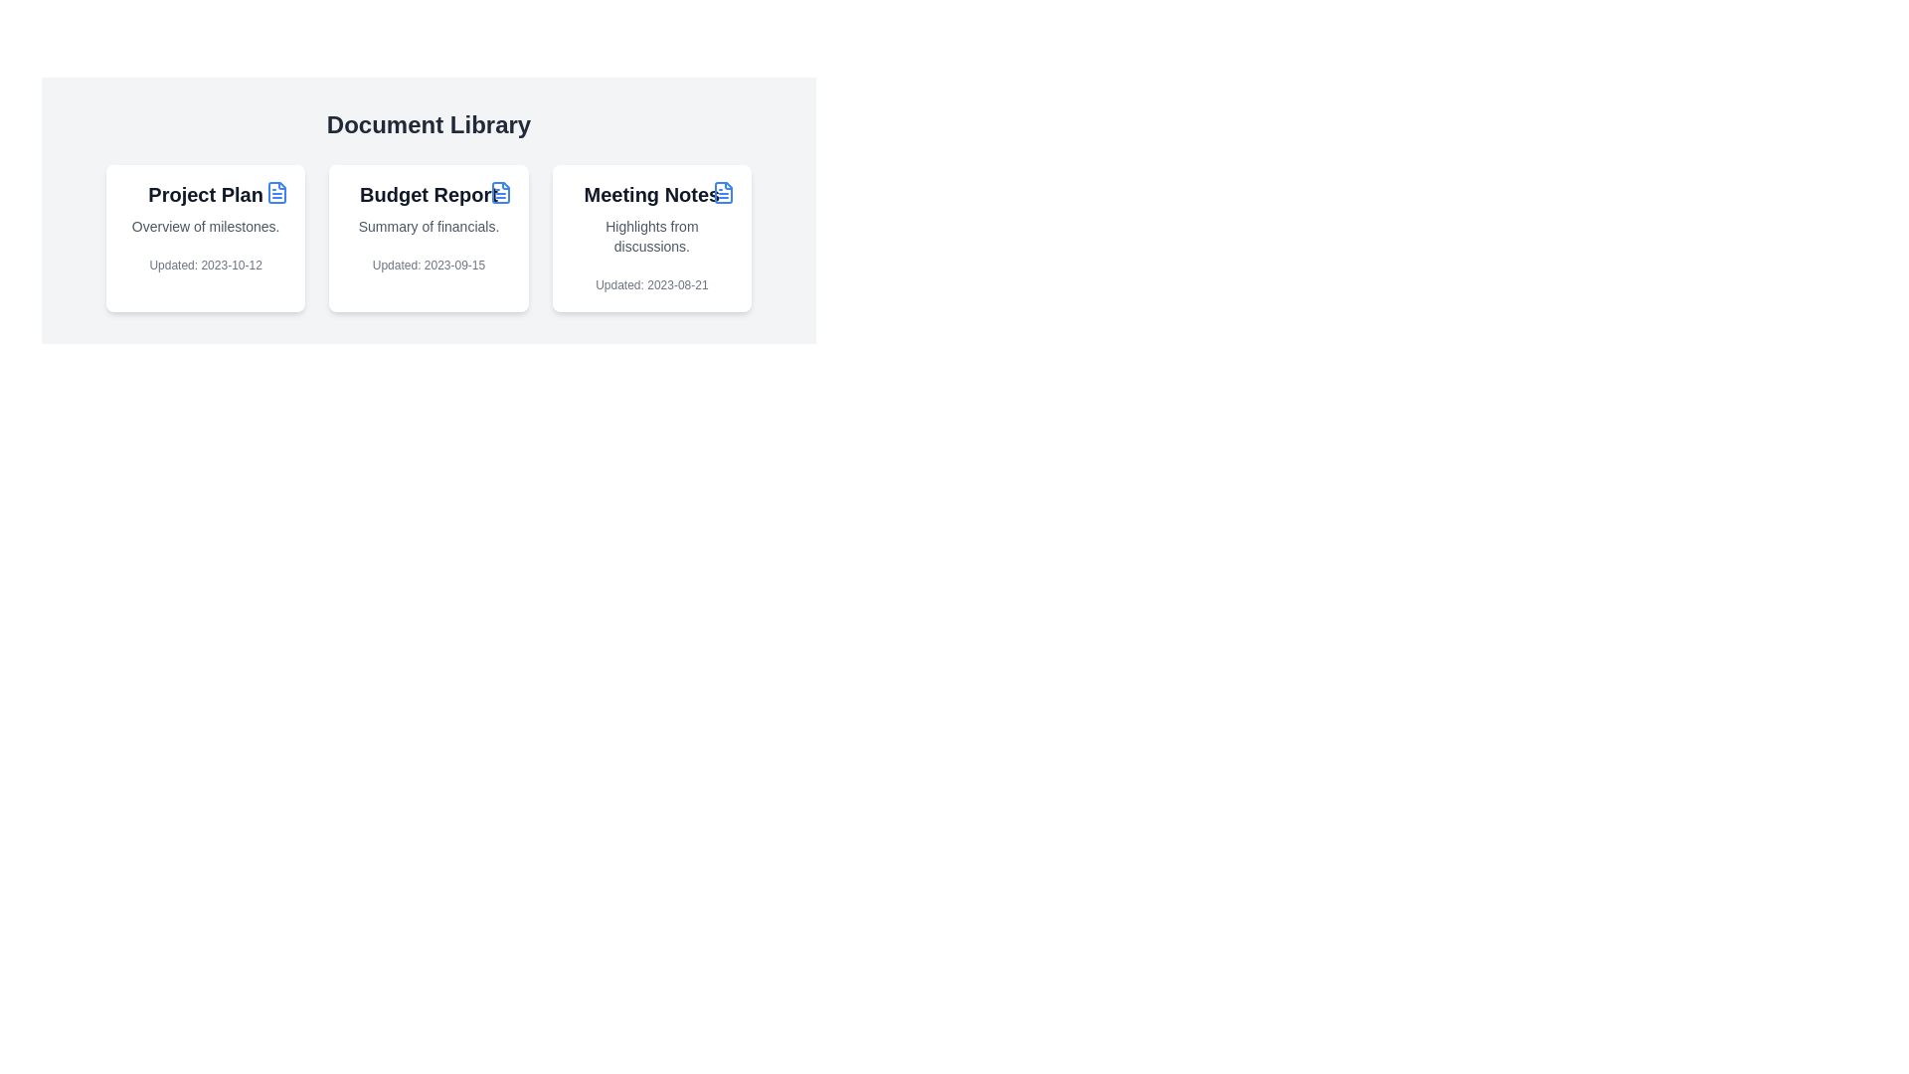 This screenshot has height=1074, width=1909. What do you see at coordinates (428, 125) in the screenshot?
I see `the heading labeled 'Document Library' which indicates the content below pertains to that section` at bounding box center [428, 125].